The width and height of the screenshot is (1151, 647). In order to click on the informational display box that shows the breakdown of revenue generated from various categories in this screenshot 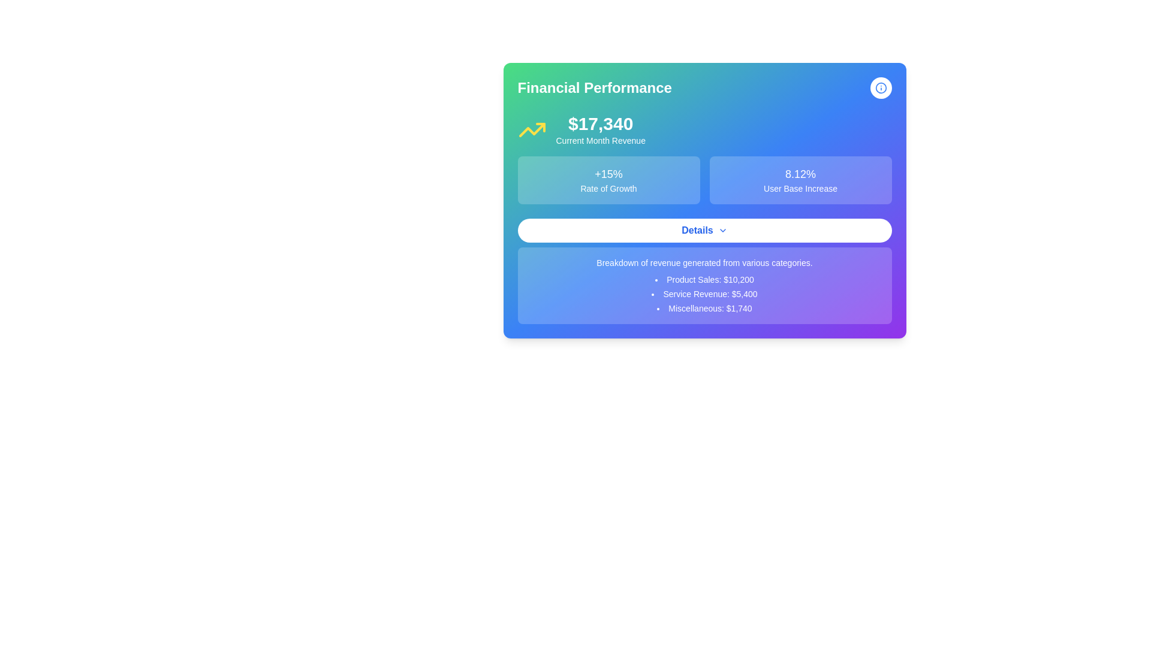, I will do `click(704, 286)`.